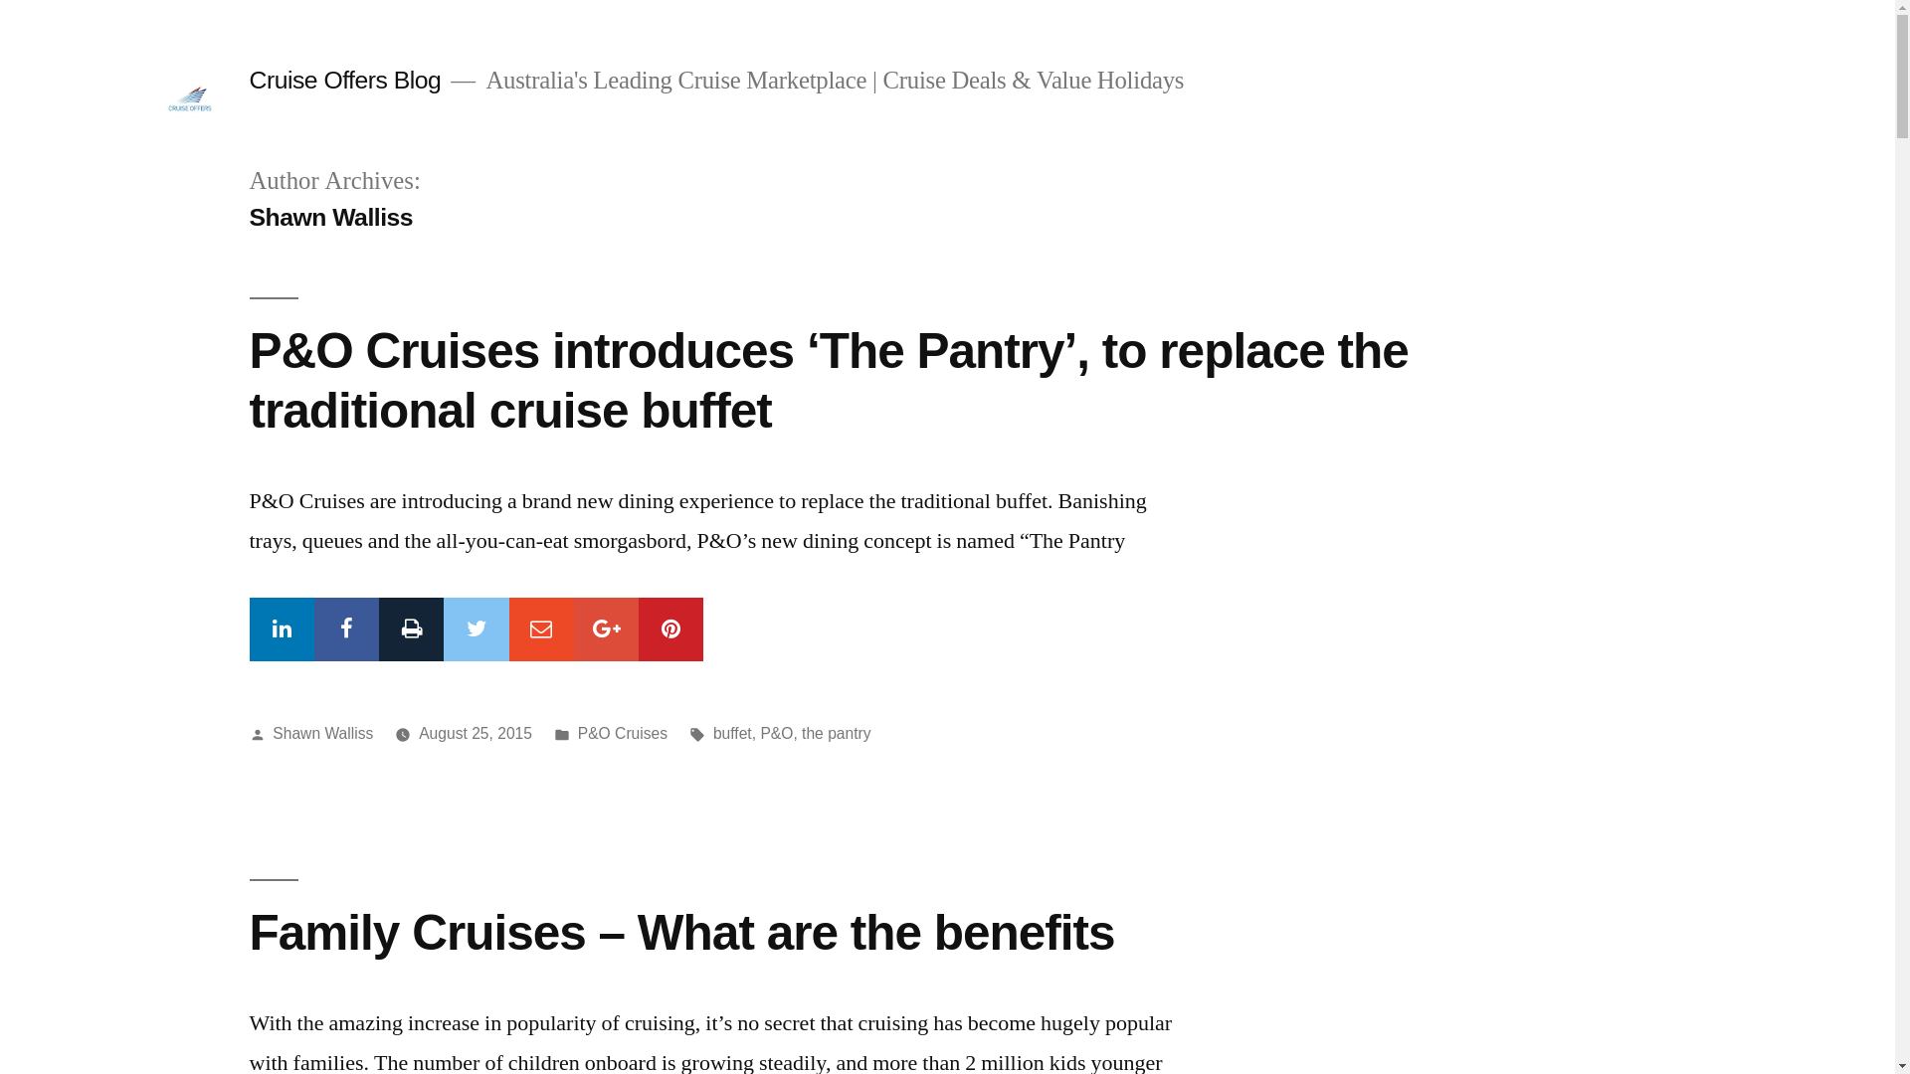 This screenshot has width=1910, height=1074. I want to click on 'Cruise Offers Blog', so click(344, 79).